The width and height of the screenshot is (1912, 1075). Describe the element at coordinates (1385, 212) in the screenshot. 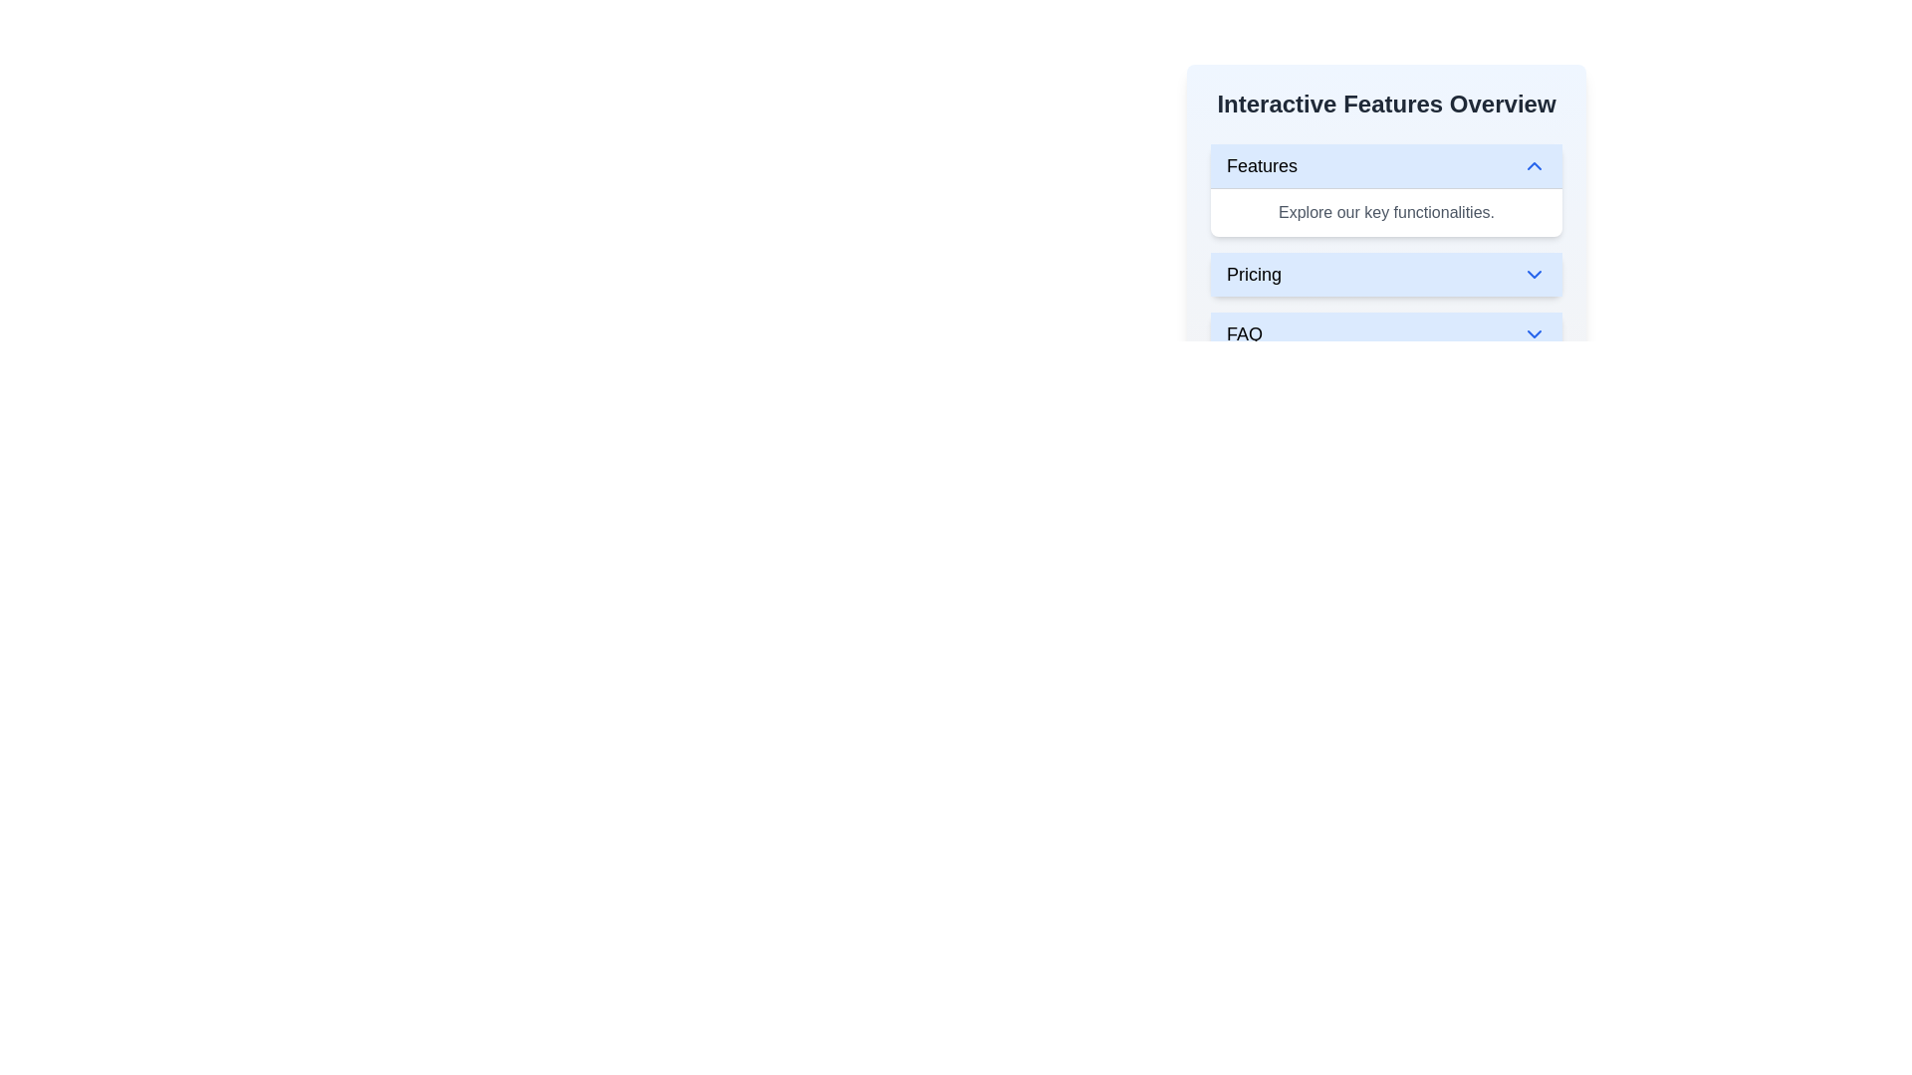

I see `the descriptive text element located under the blue header in the 'Features' section` at that location.